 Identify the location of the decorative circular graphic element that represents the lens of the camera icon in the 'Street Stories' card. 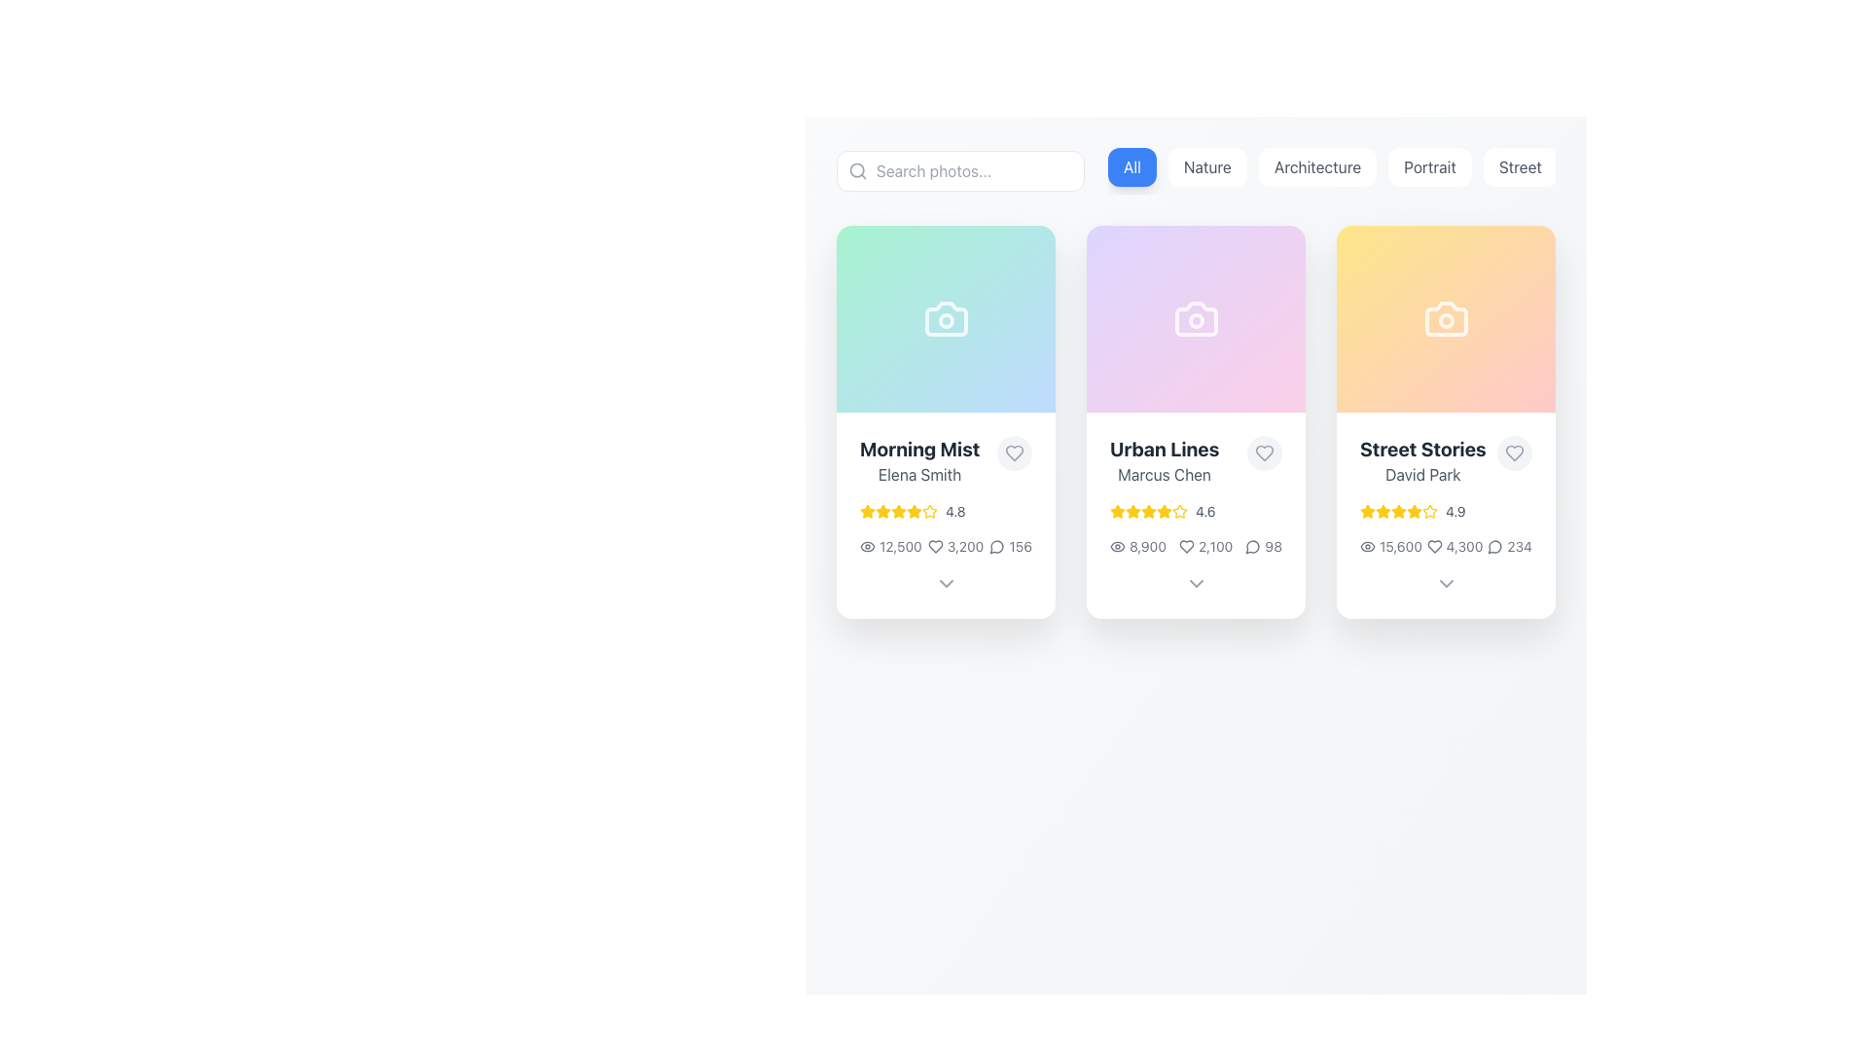
(1446, 320).